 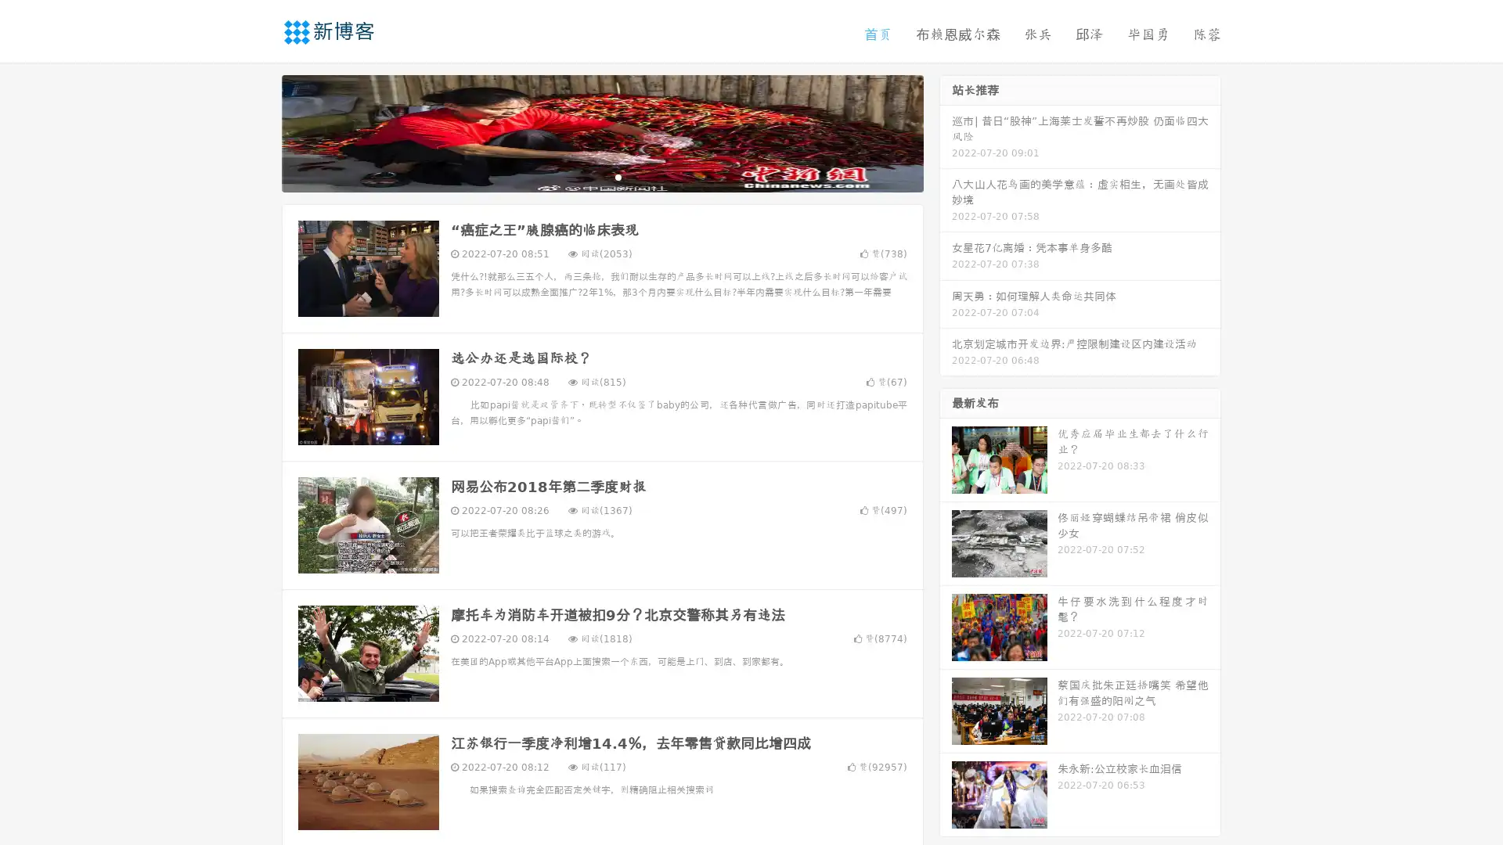 I want to click on Go to slide 3, so click(x=618, y=176).